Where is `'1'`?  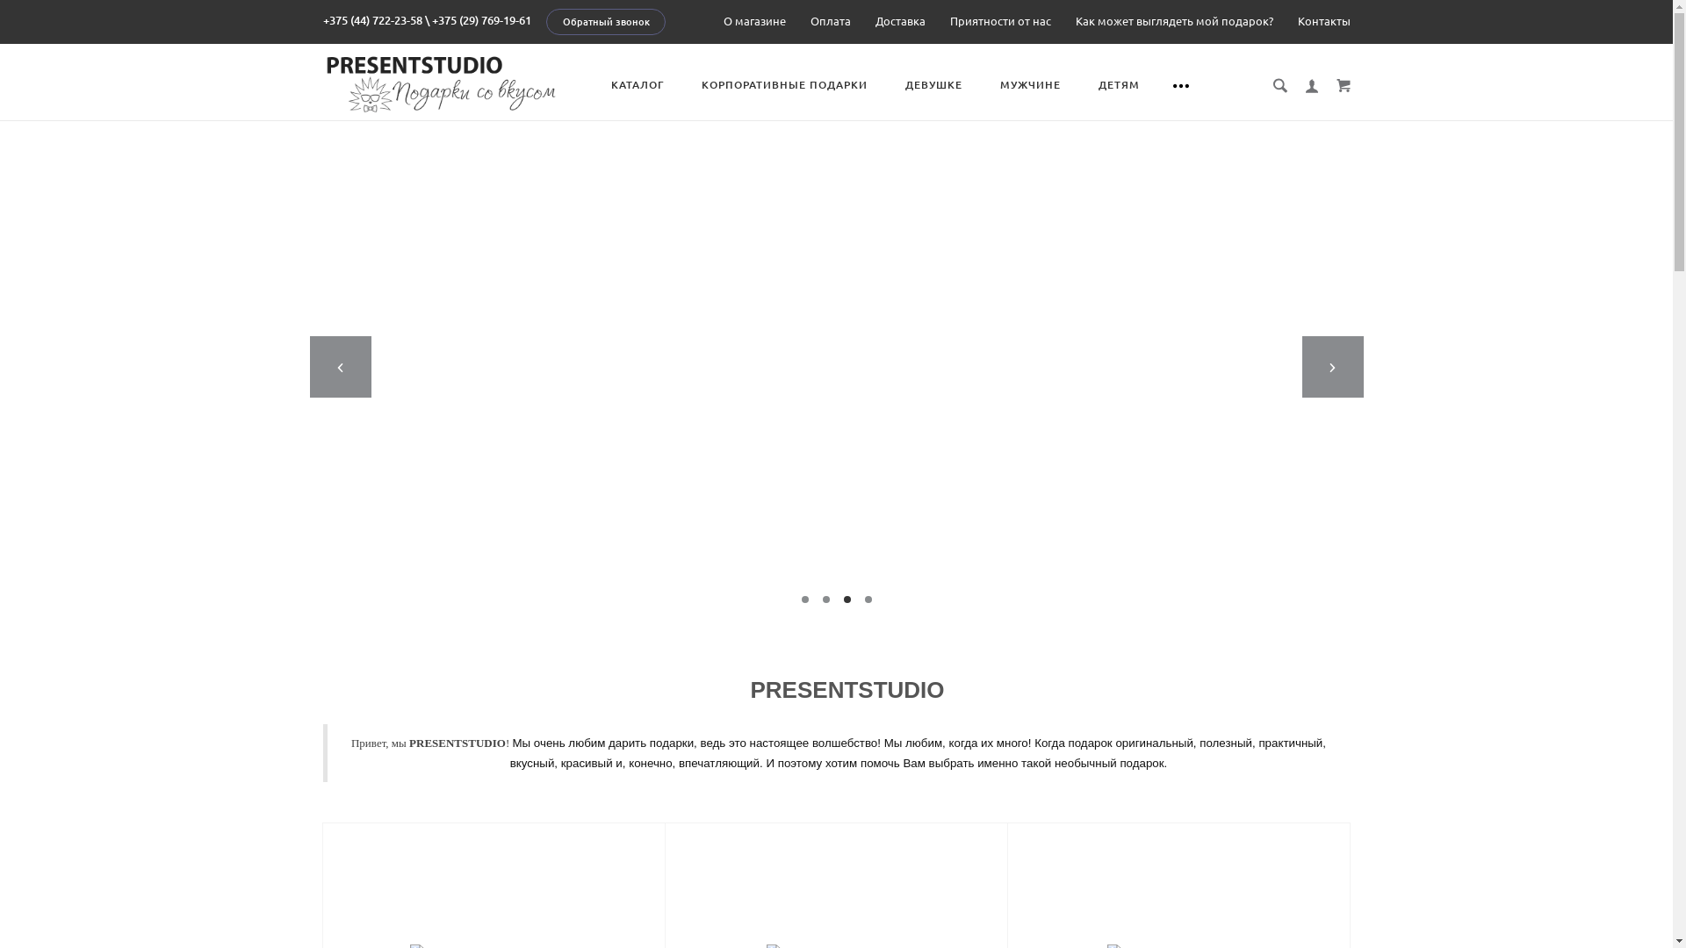 '1' is located at coordinates (803, 598).